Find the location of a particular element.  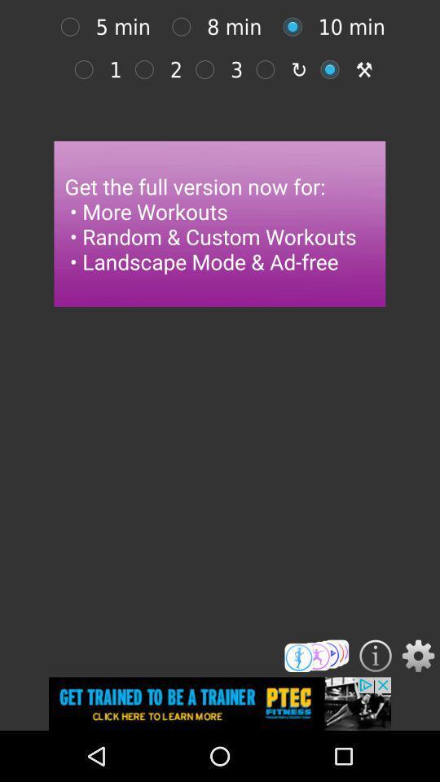

2 min is located at coordinates (148, 69).